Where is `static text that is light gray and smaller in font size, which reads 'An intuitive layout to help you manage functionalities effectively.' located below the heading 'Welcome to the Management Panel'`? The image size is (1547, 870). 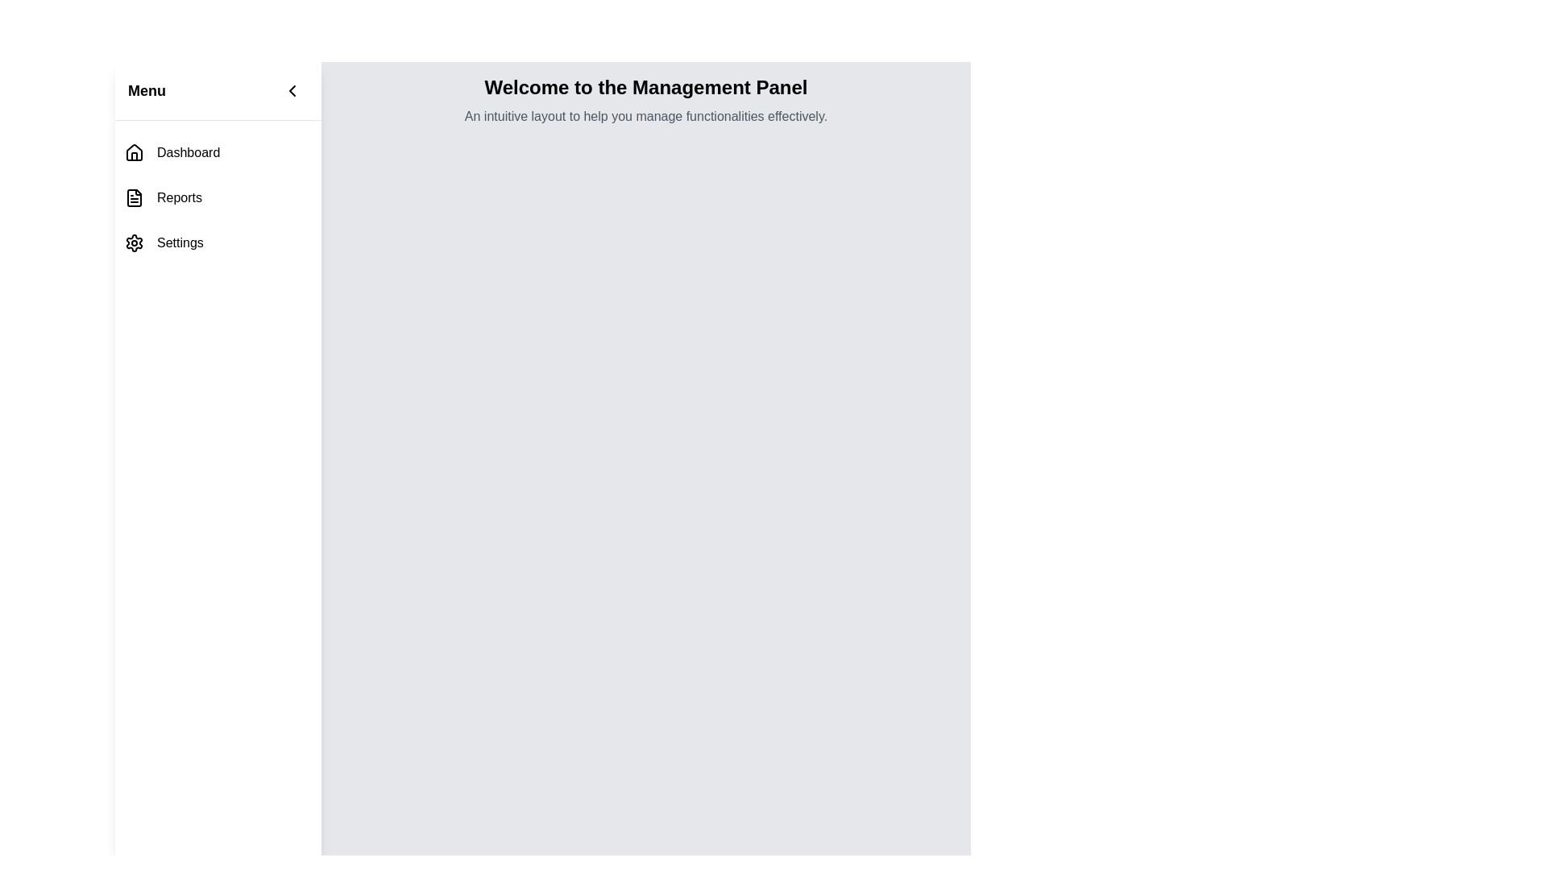
static text that is light gray and smaller in font size, which reads 'An intuitive layout to help you manage functionalities effectively.' located below the heading 'Welcome to the Management Panel' is located at coordinates (645, 116).